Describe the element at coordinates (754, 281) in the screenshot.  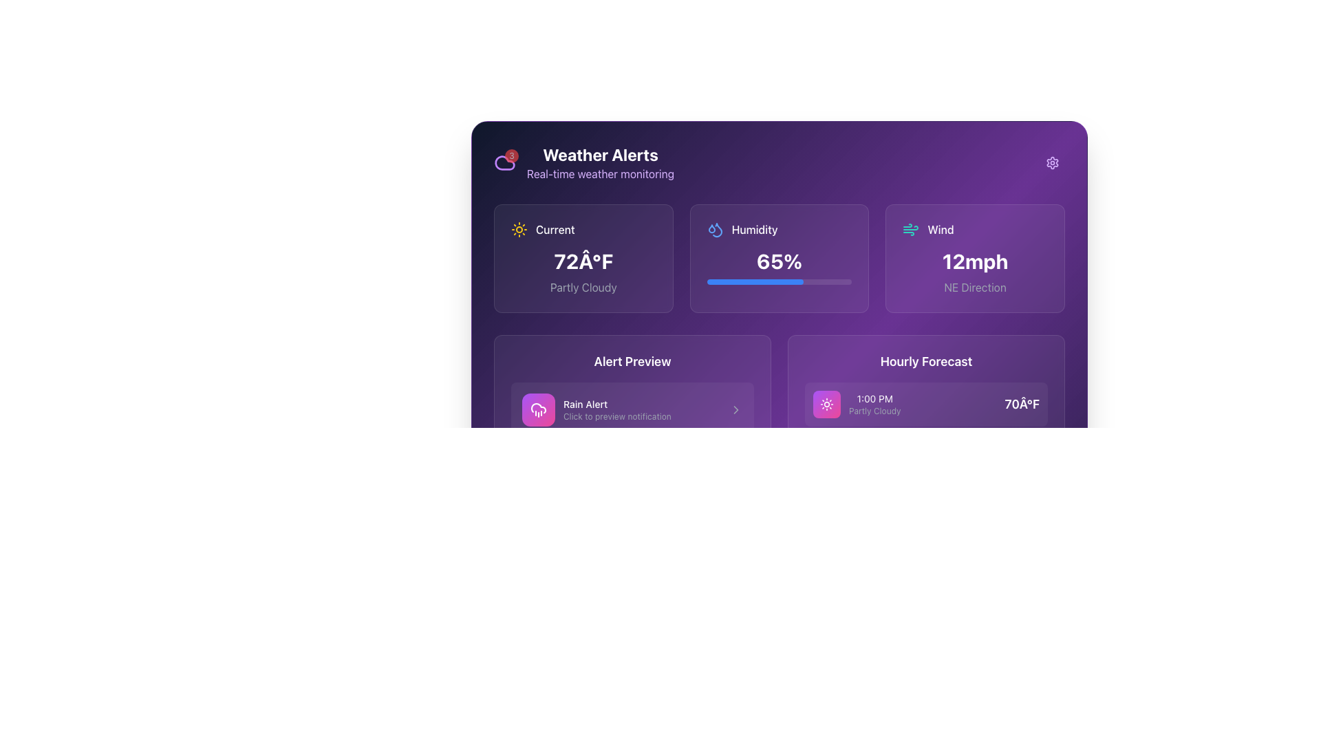
I see `the blue progress fill of the progress bar located in the 'Humidity' section, which is positioned between the 'Current' and 'Wind' sections` at that location.